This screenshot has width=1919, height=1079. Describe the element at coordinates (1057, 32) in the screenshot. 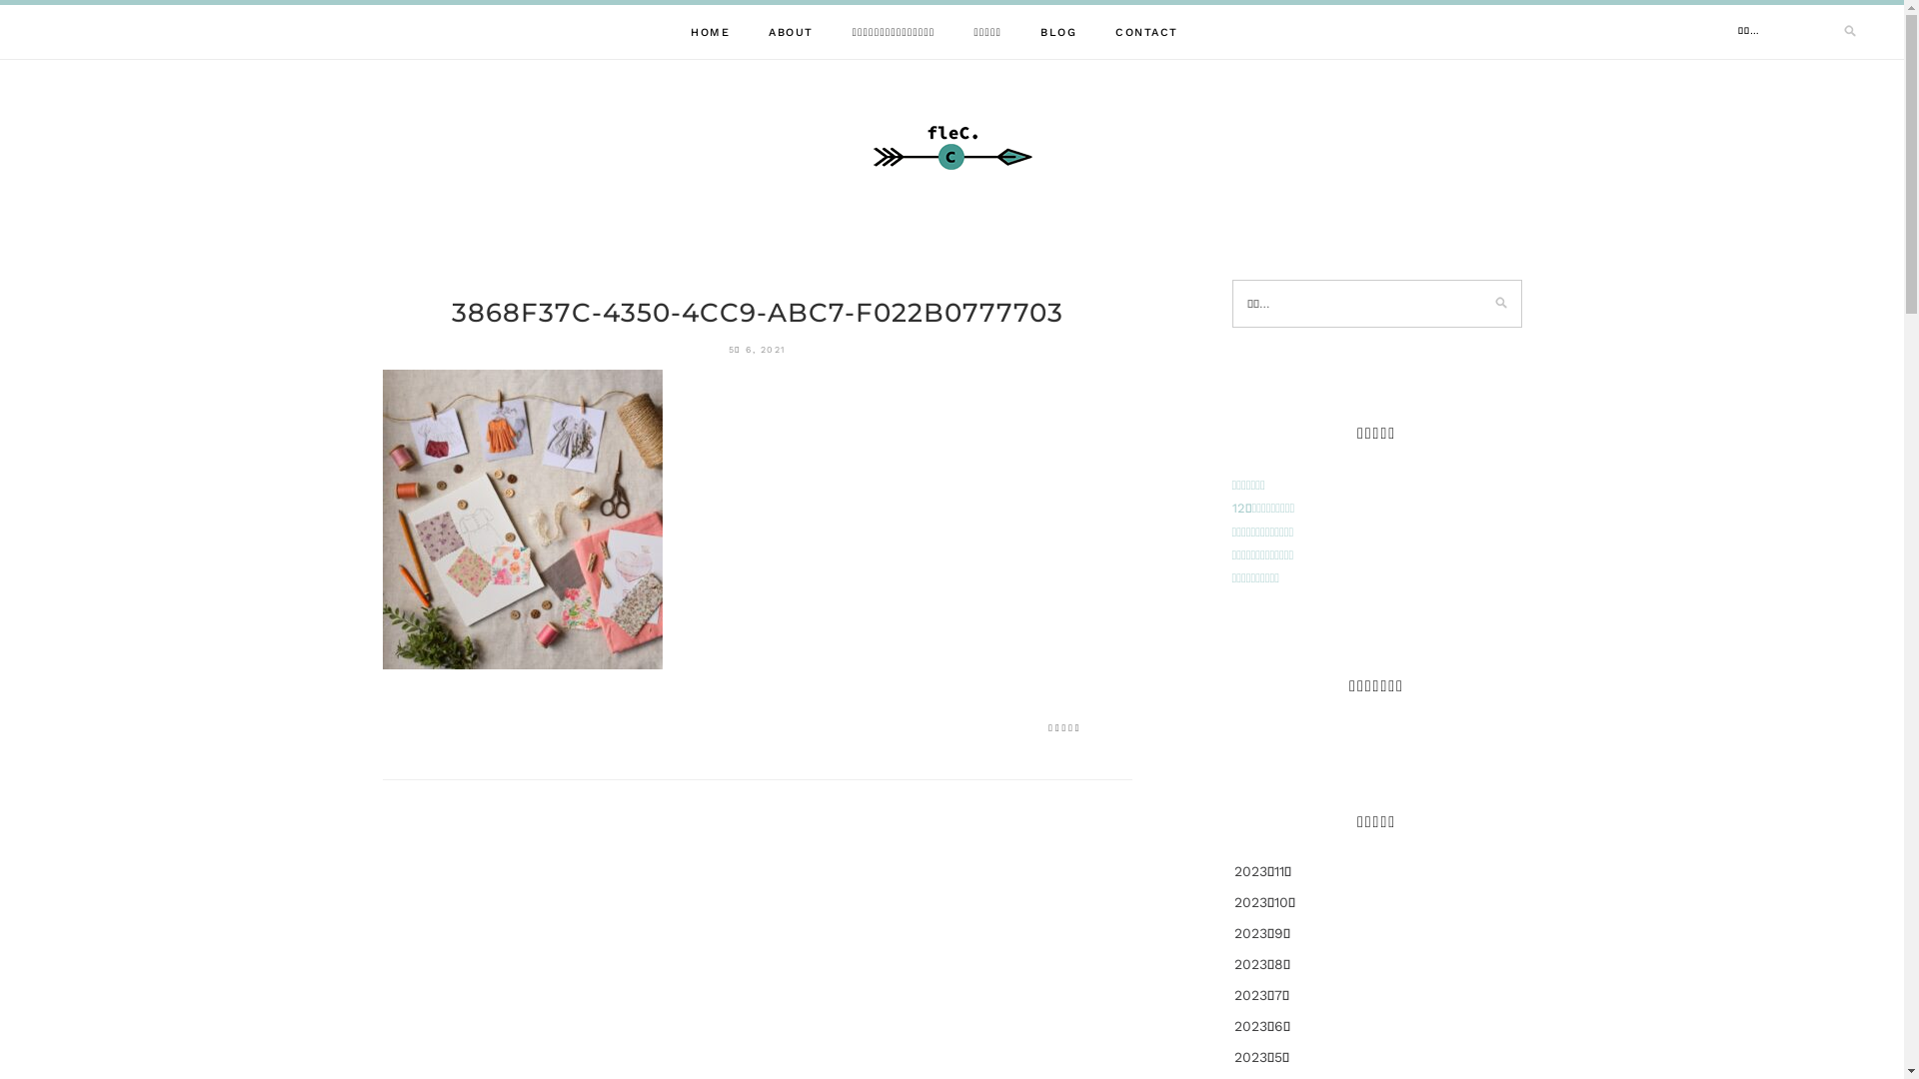

I see `'BLOG'` at that location.